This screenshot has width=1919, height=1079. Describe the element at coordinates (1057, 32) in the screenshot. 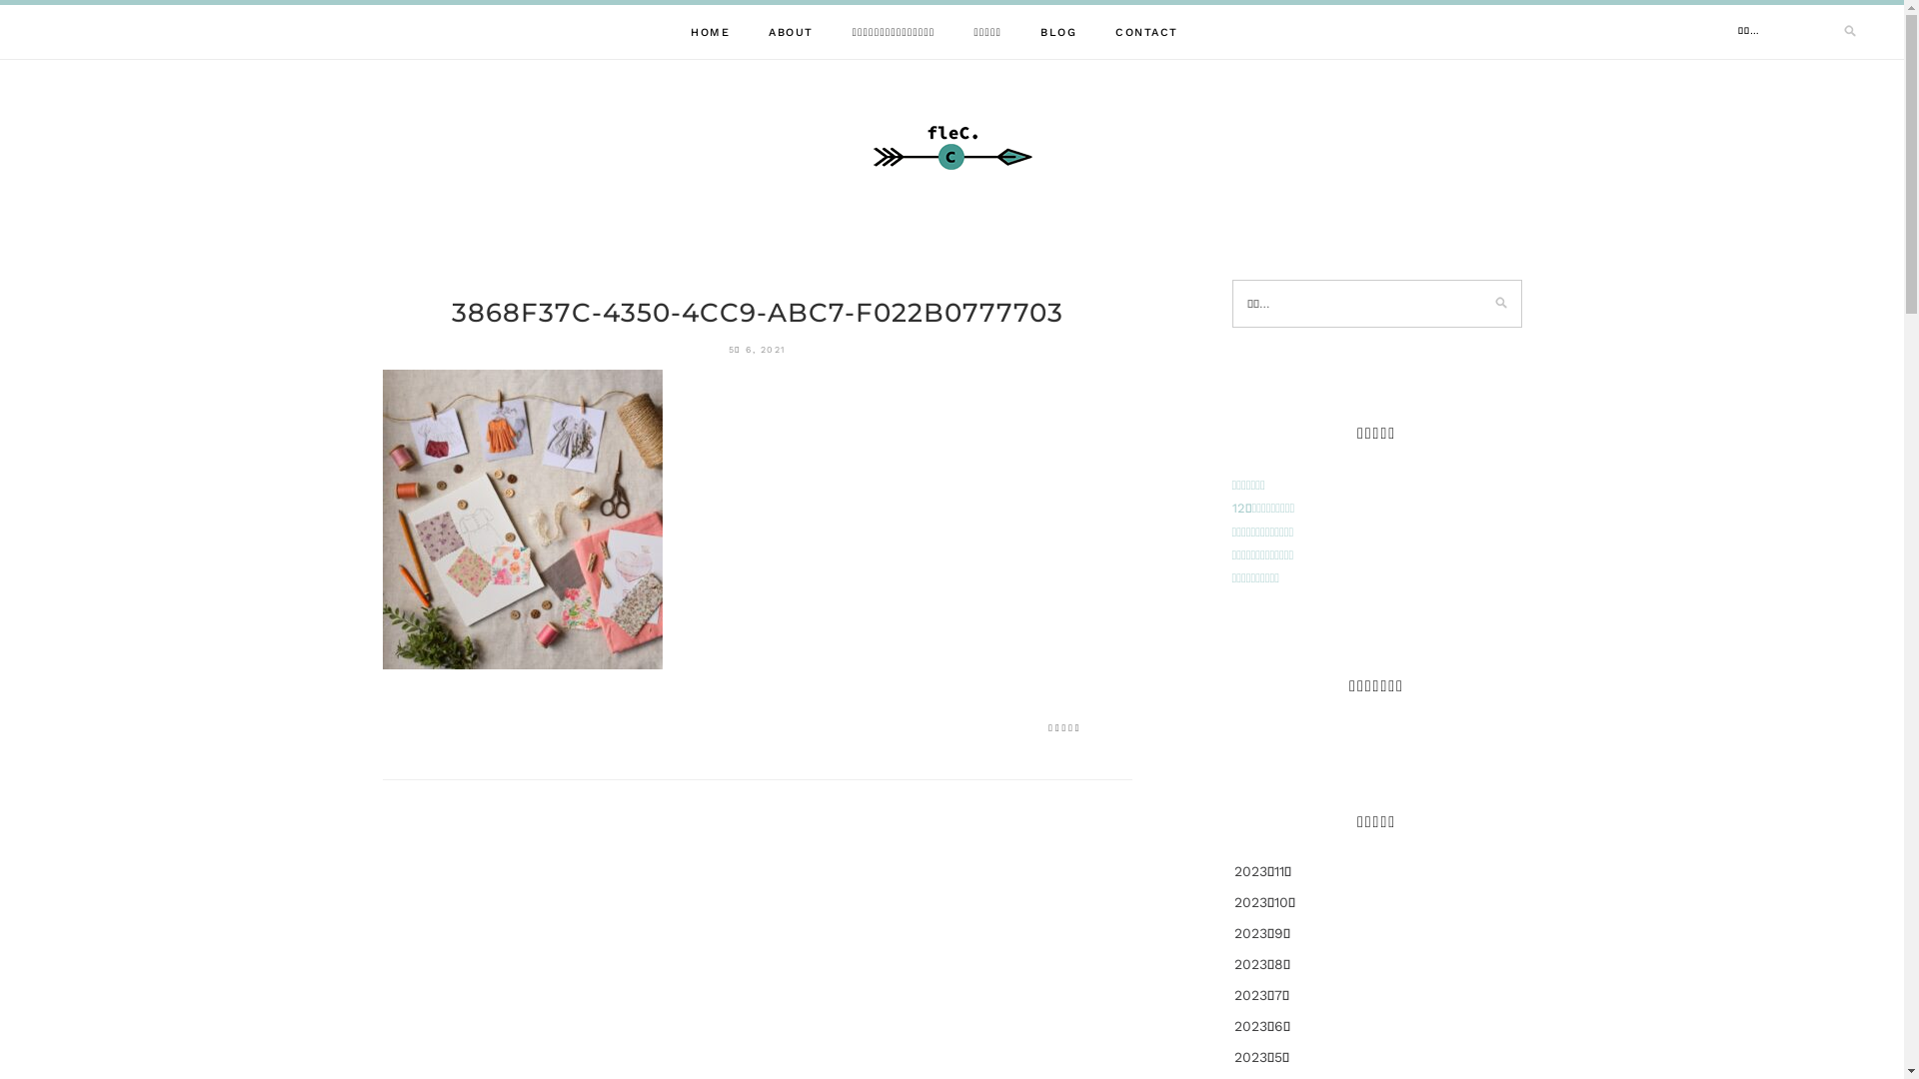

I see `'BLOG'` at that location.